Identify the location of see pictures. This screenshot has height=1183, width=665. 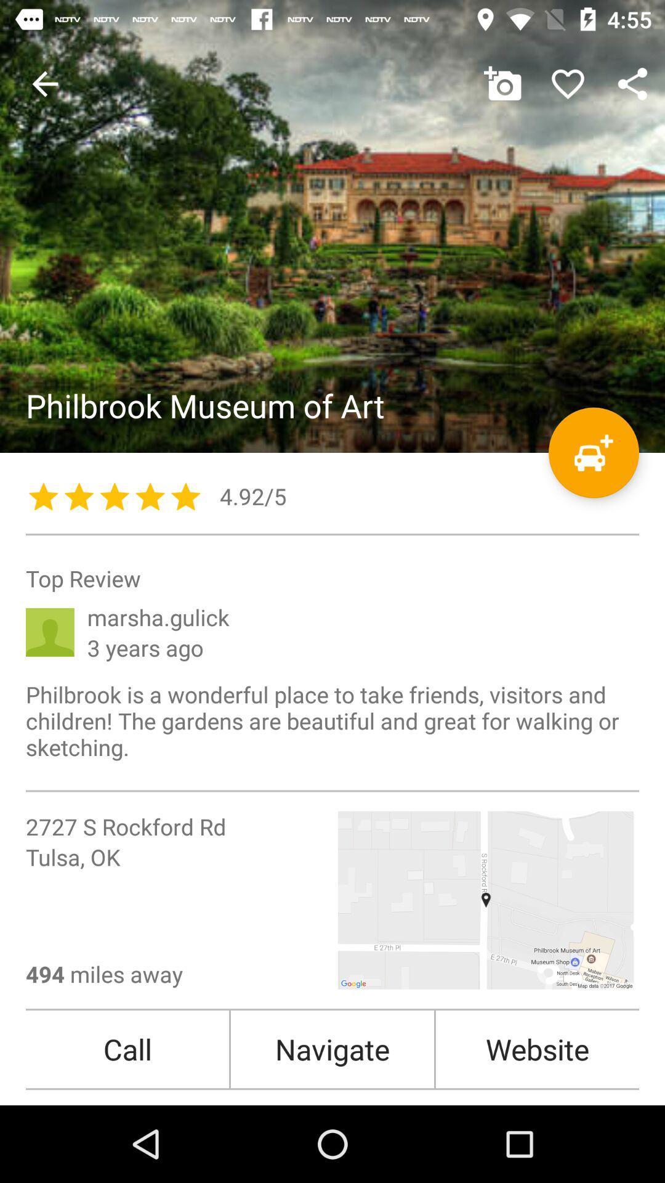
(332, 226).